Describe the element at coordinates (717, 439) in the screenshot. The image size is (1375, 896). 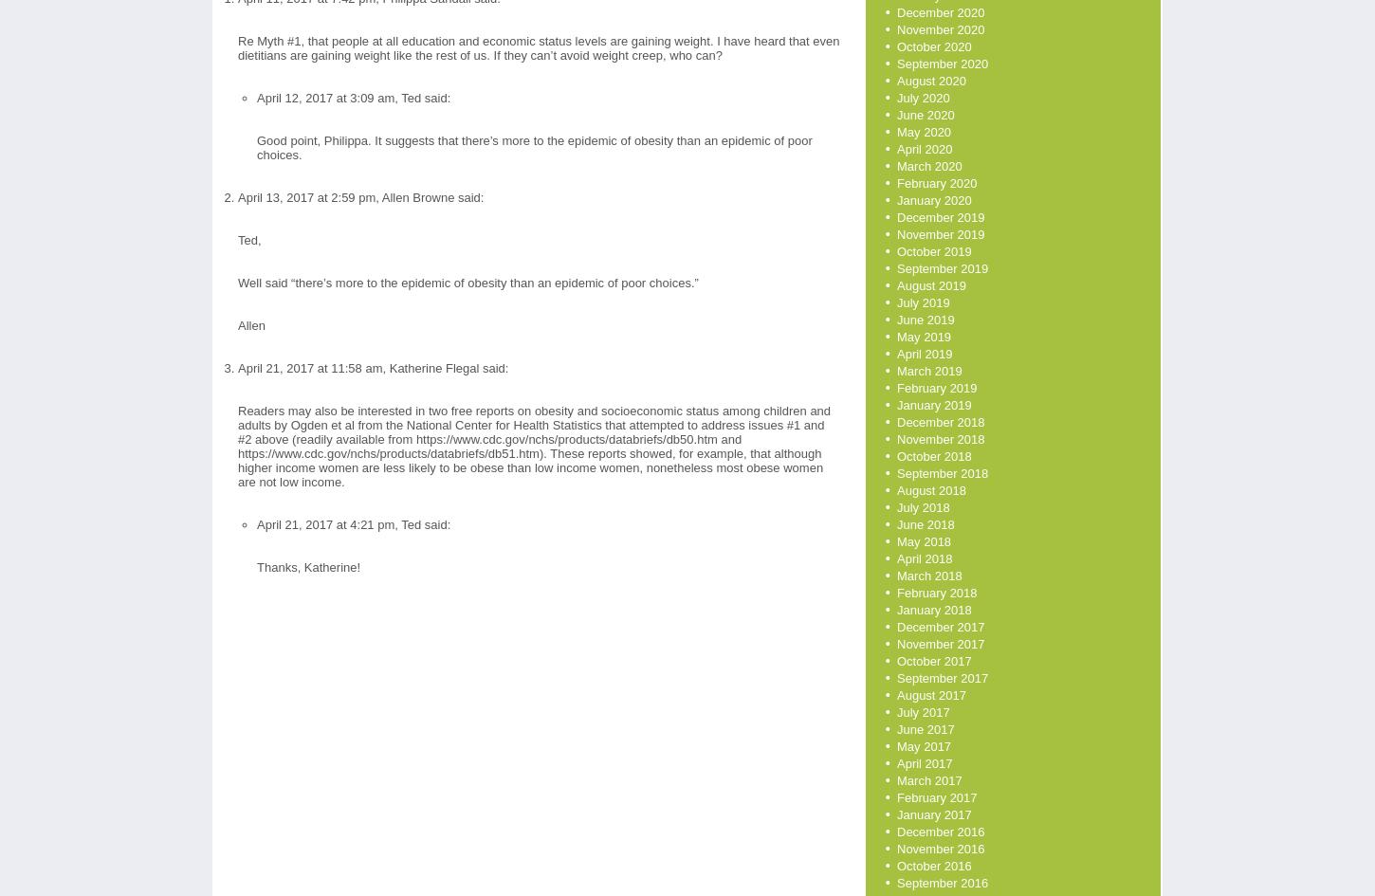
I see `'and'` at that location.